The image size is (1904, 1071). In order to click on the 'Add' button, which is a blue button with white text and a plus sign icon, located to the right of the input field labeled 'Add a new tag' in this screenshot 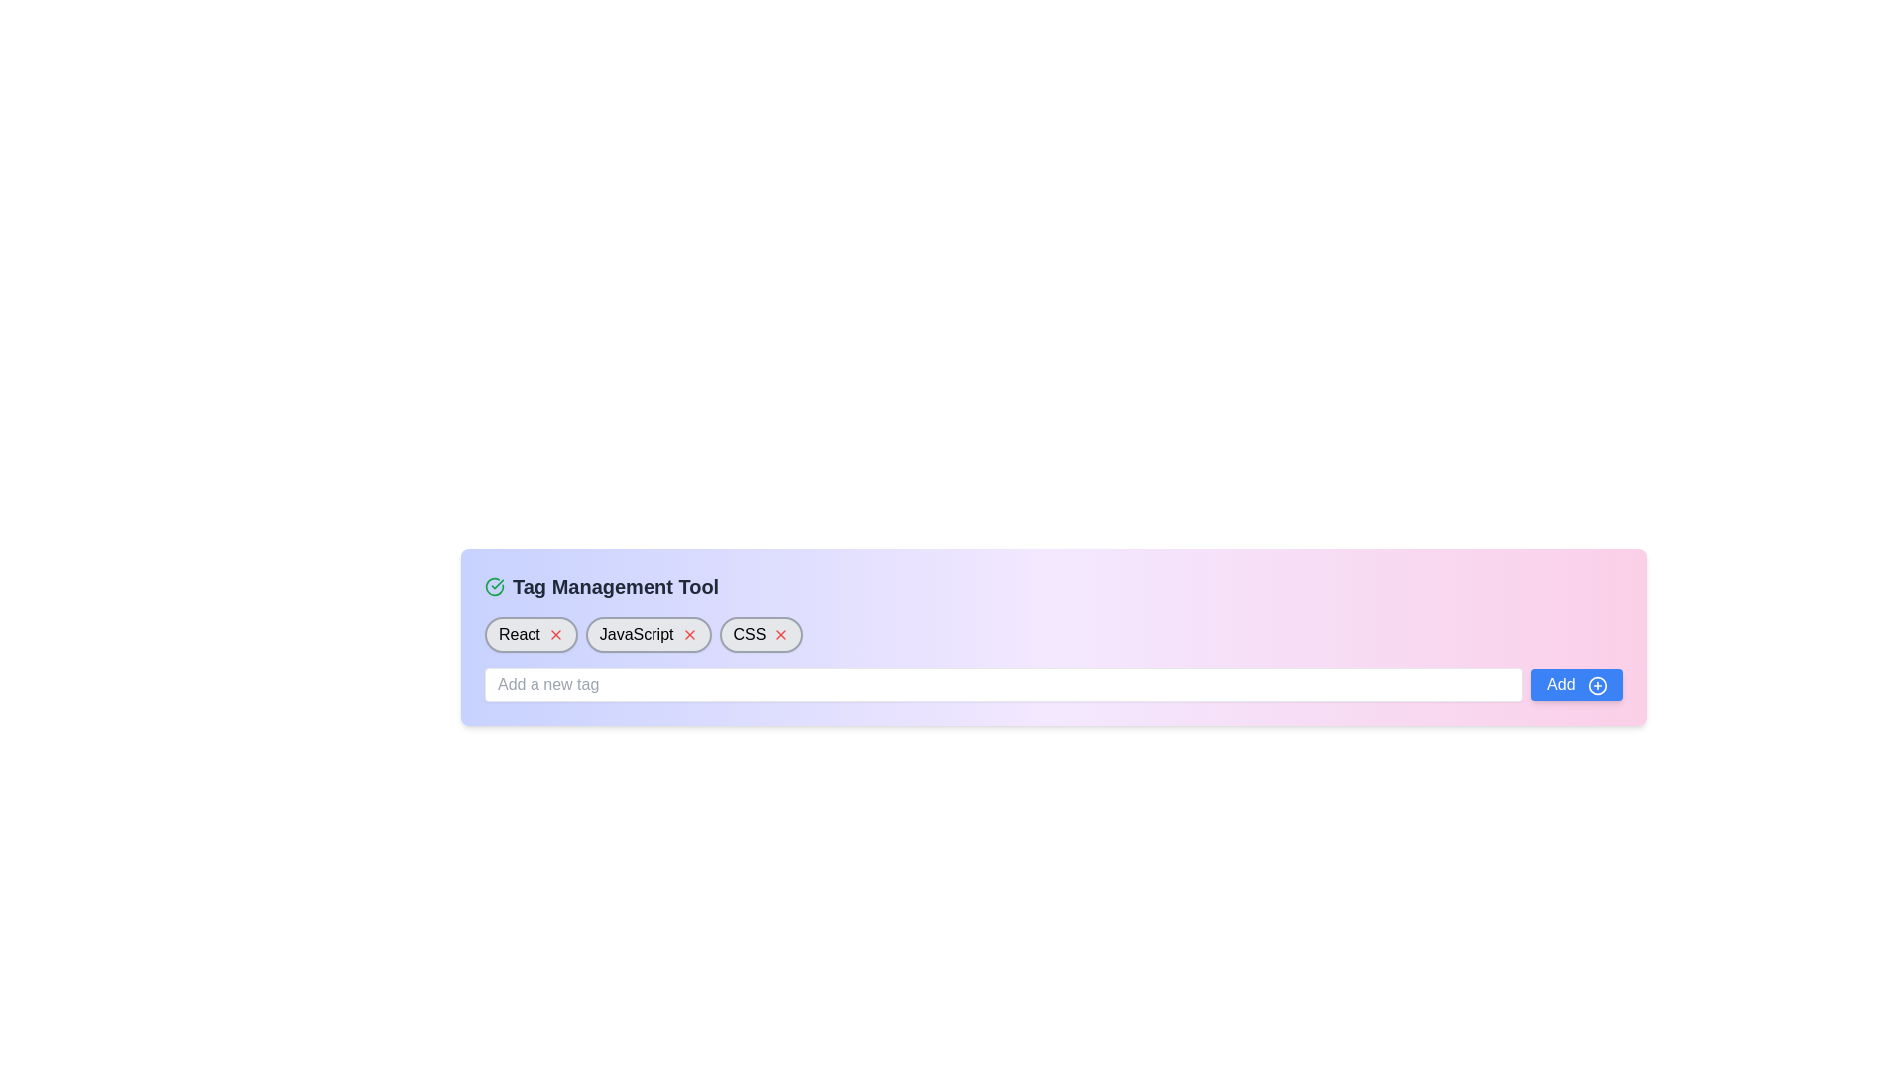, I will do `click(1576, 683)`.